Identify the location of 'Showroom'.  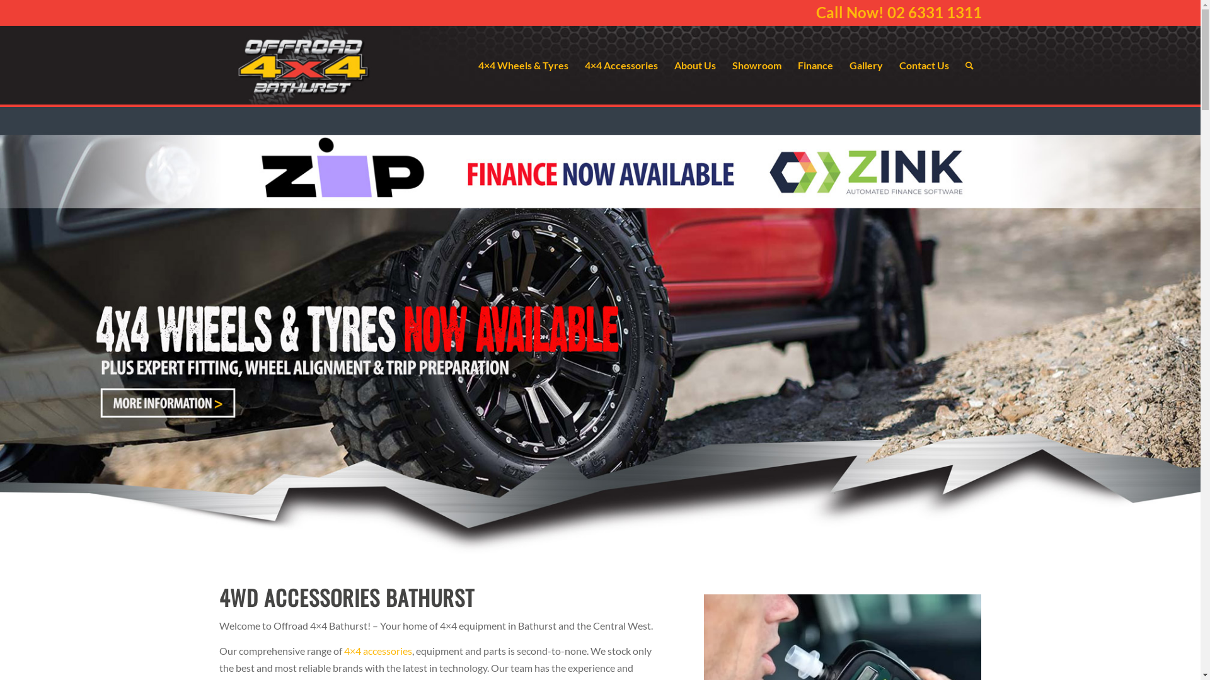
(756, 65).